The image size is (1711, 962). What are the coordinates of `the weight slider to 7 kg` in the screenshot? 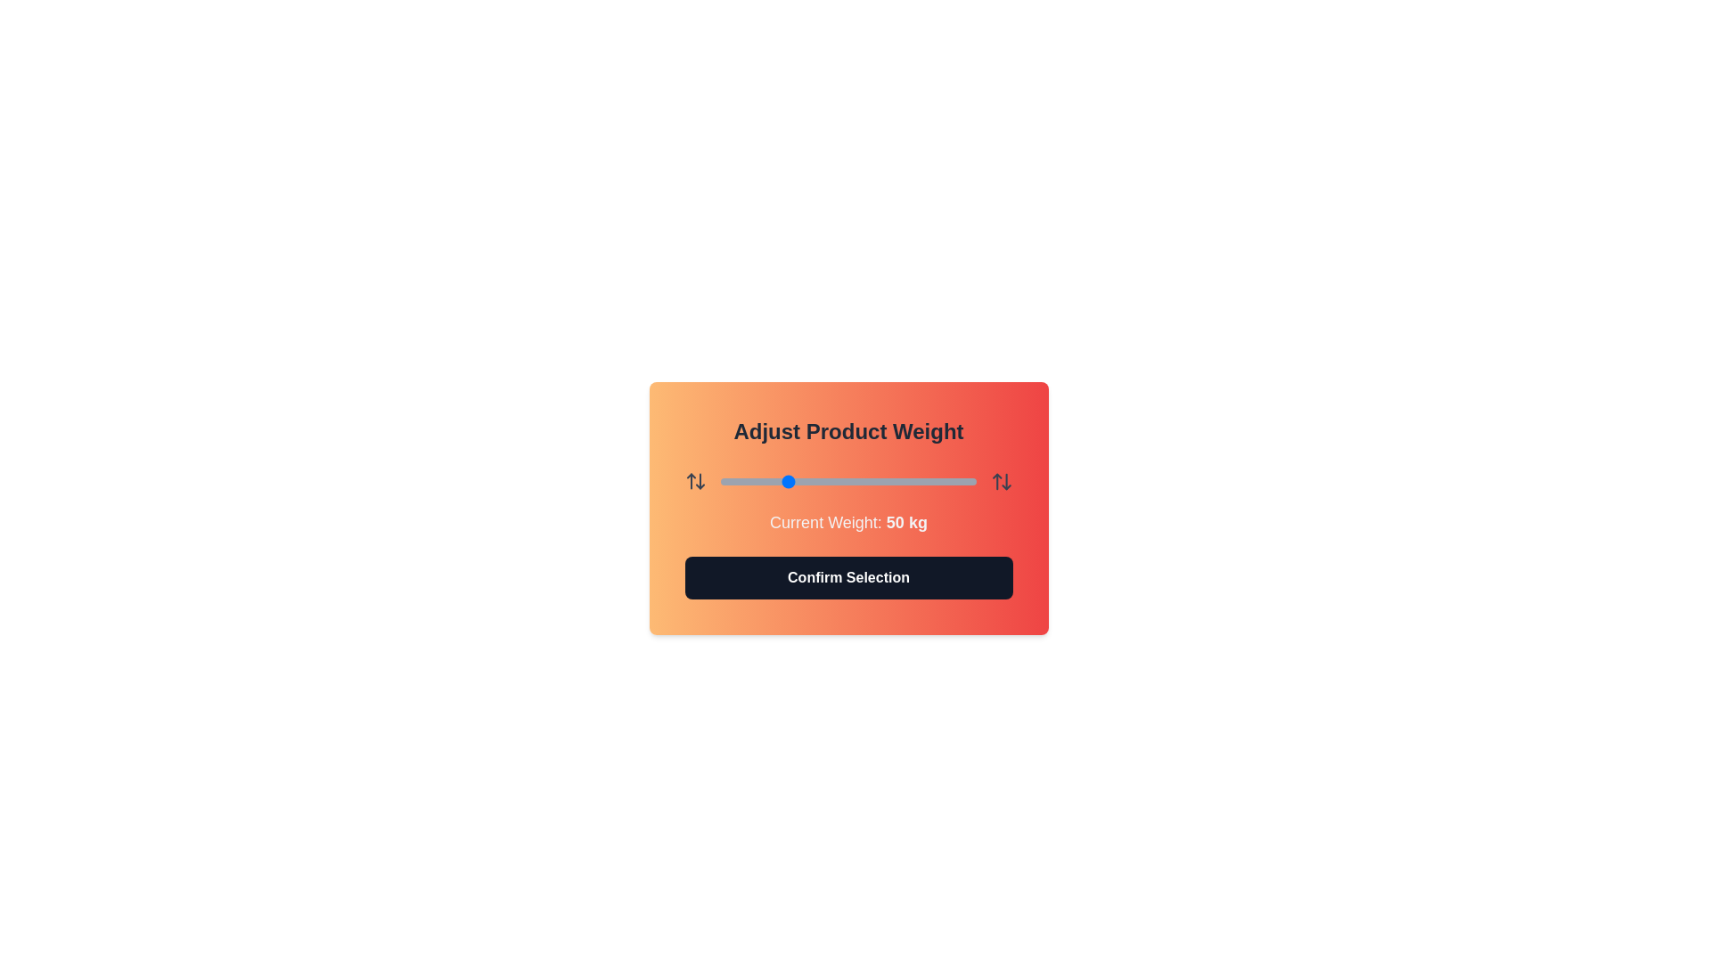 It's located at (730, 481).